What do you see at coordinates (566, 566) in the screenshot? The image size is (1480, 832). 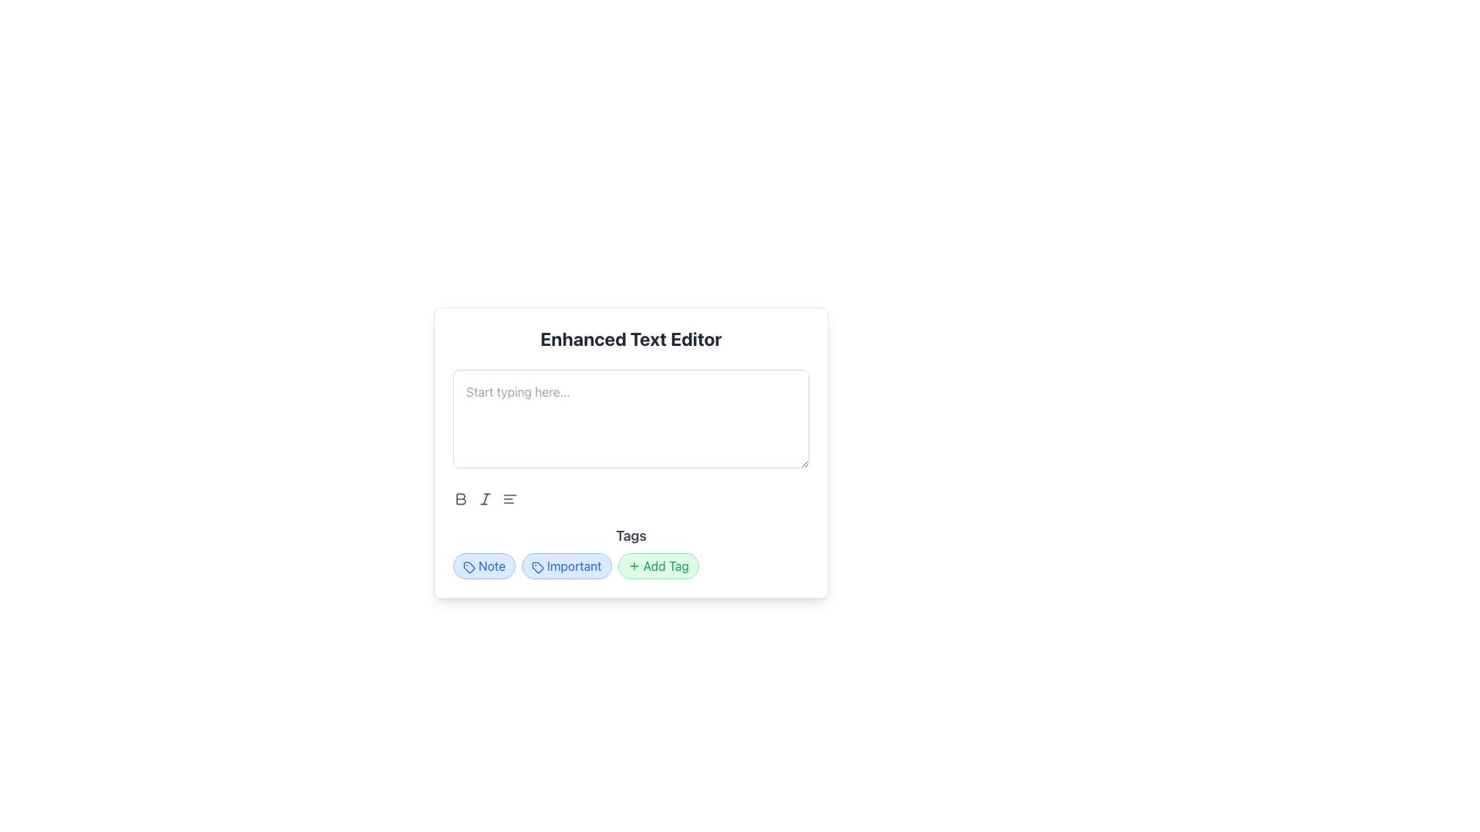 I see `the label tagged 'Important' which is the second pill-shaped tag in the 'Tags' section, located between the 'Note' tag and the 'Add Tag' button` at bounding box center [566, 566].